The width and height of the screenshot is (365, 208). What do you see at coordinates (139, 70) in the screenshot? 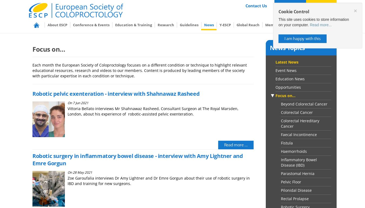
I see `'Each month the European Society of Coloproctology focuses on a different condition or technique to highlight relevant educational resources, research and videos to our members. Content is produced by leading members of the society with particular expertise in each condition or technique.'` at bounding box center [139, 70].